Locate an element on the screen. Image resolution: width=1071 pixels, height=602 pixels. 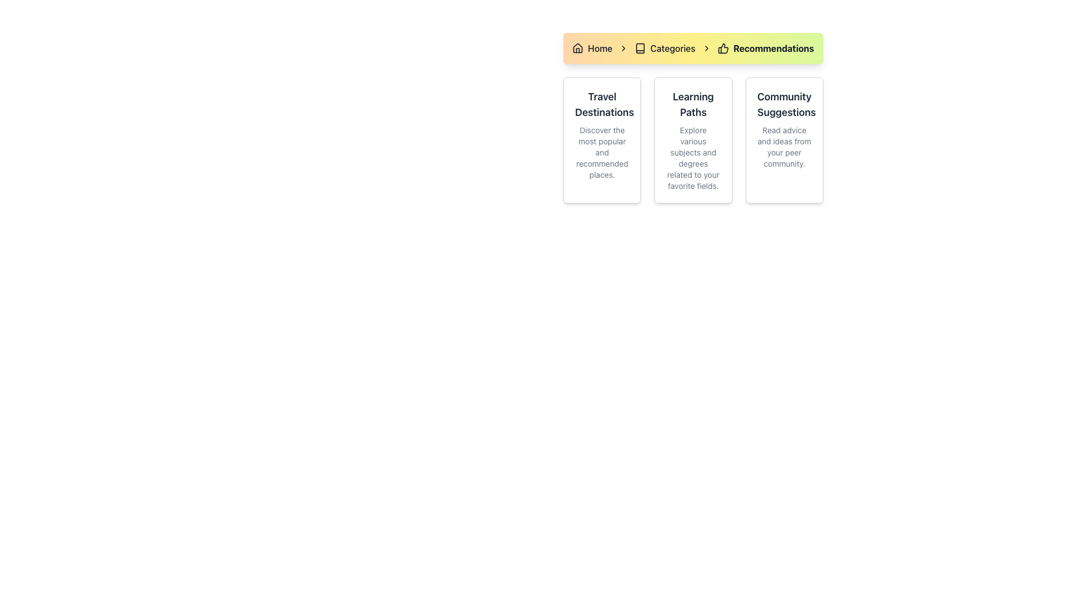
the 'Categories' text element in the breadcrumb navigation bar is located at coordinates (672, 48).